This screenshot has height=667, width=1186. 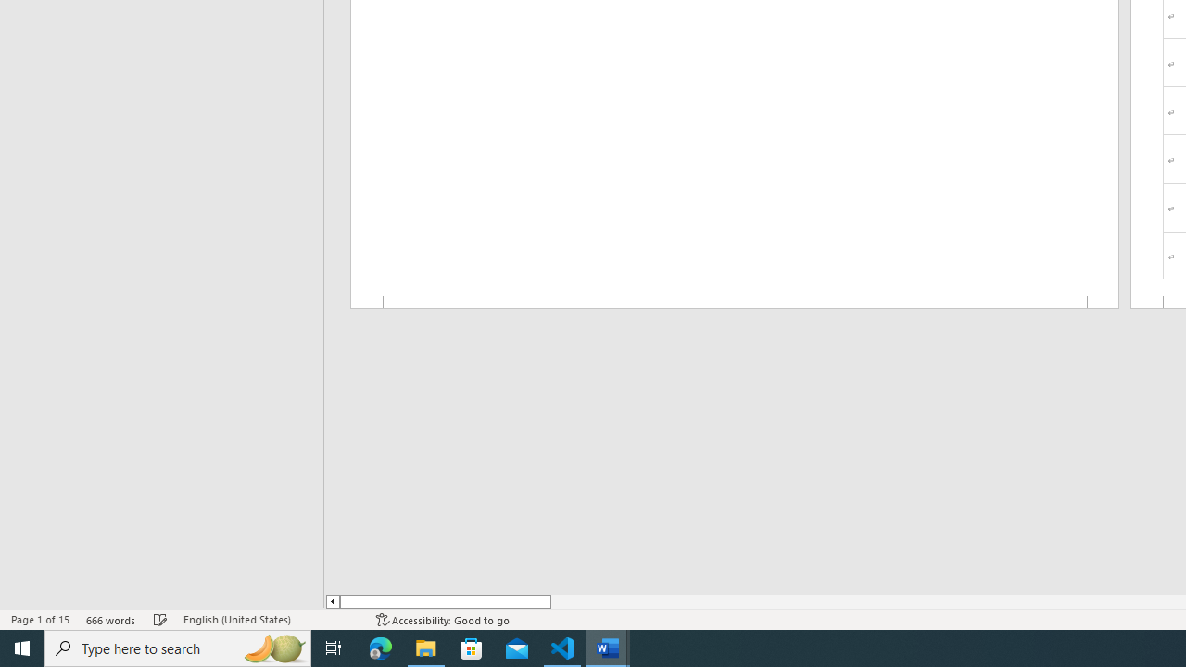 I want to click on 'Page Number Page 1 of 15', so click(x=40, y=620).